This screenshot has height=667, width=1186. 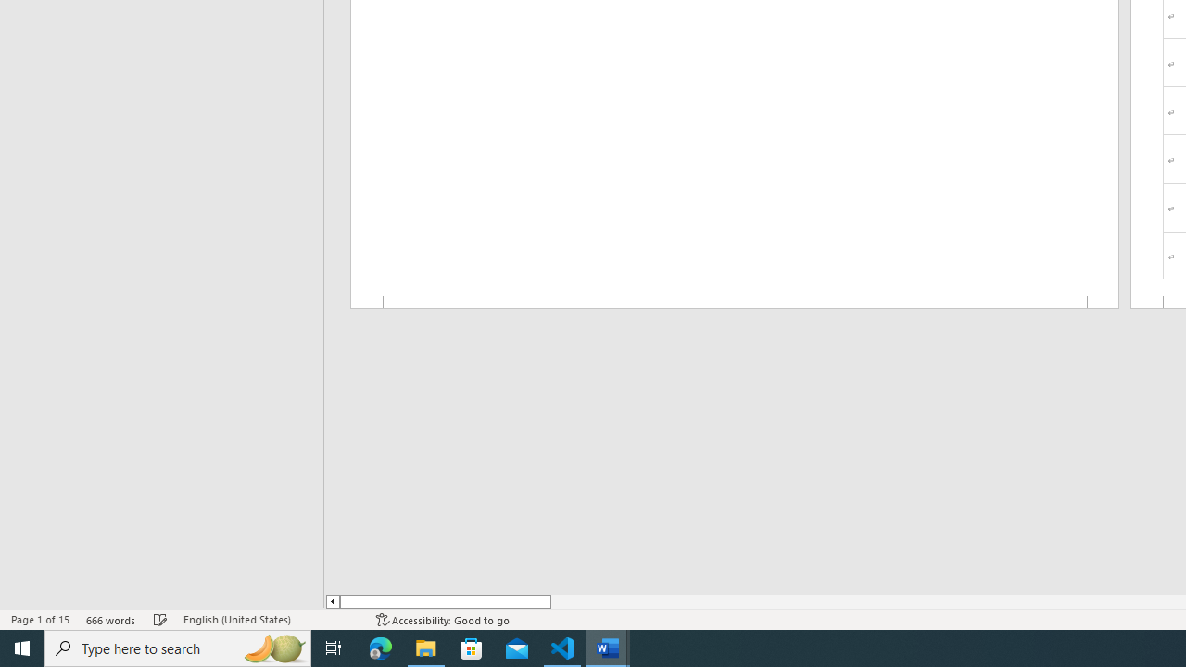 I want to click on 'Page Number Page 1 of 15', so click(x=40, y=620).